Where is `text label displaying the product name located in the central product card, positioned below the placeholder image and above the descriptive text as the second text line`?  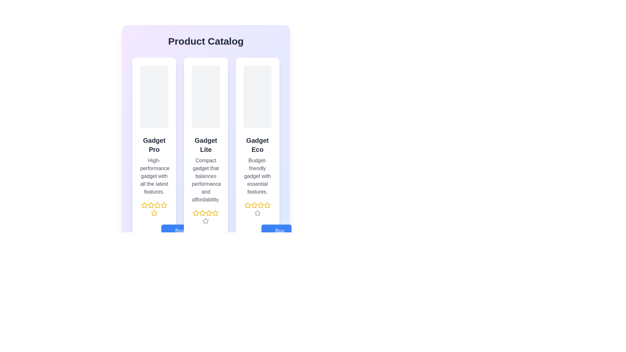
text label displaying the product name located in the central product card, positioned below the placeholder image and above the descriptive text as the second text line is located at coordinates (205, 144).